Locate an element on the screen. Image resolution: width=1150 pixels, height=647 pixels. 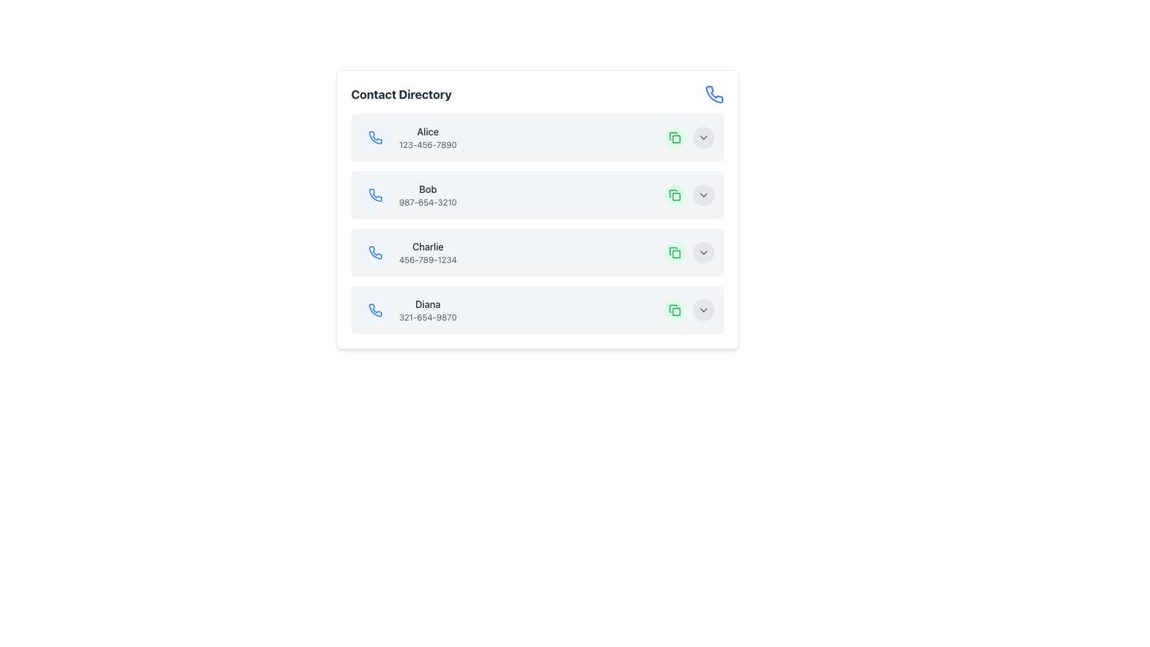
the text label displaying 'Contact Directory' in bold and enlarged font located at the top-left section of the contacts panel is located at coordinates (401, 94).